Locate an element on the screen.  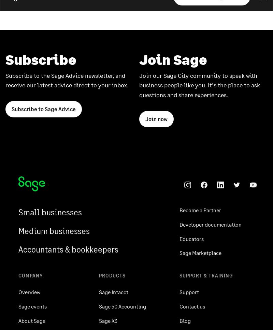
'Join our Sage City community to speak with business people like you. It's the place to ask questions and share experiences.' is located at coordinates (199, 85).